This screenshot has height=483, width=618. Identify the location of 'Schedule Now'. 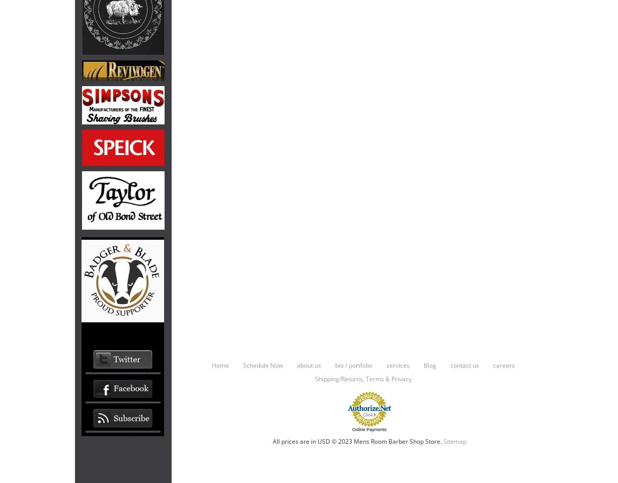
(262, 364).